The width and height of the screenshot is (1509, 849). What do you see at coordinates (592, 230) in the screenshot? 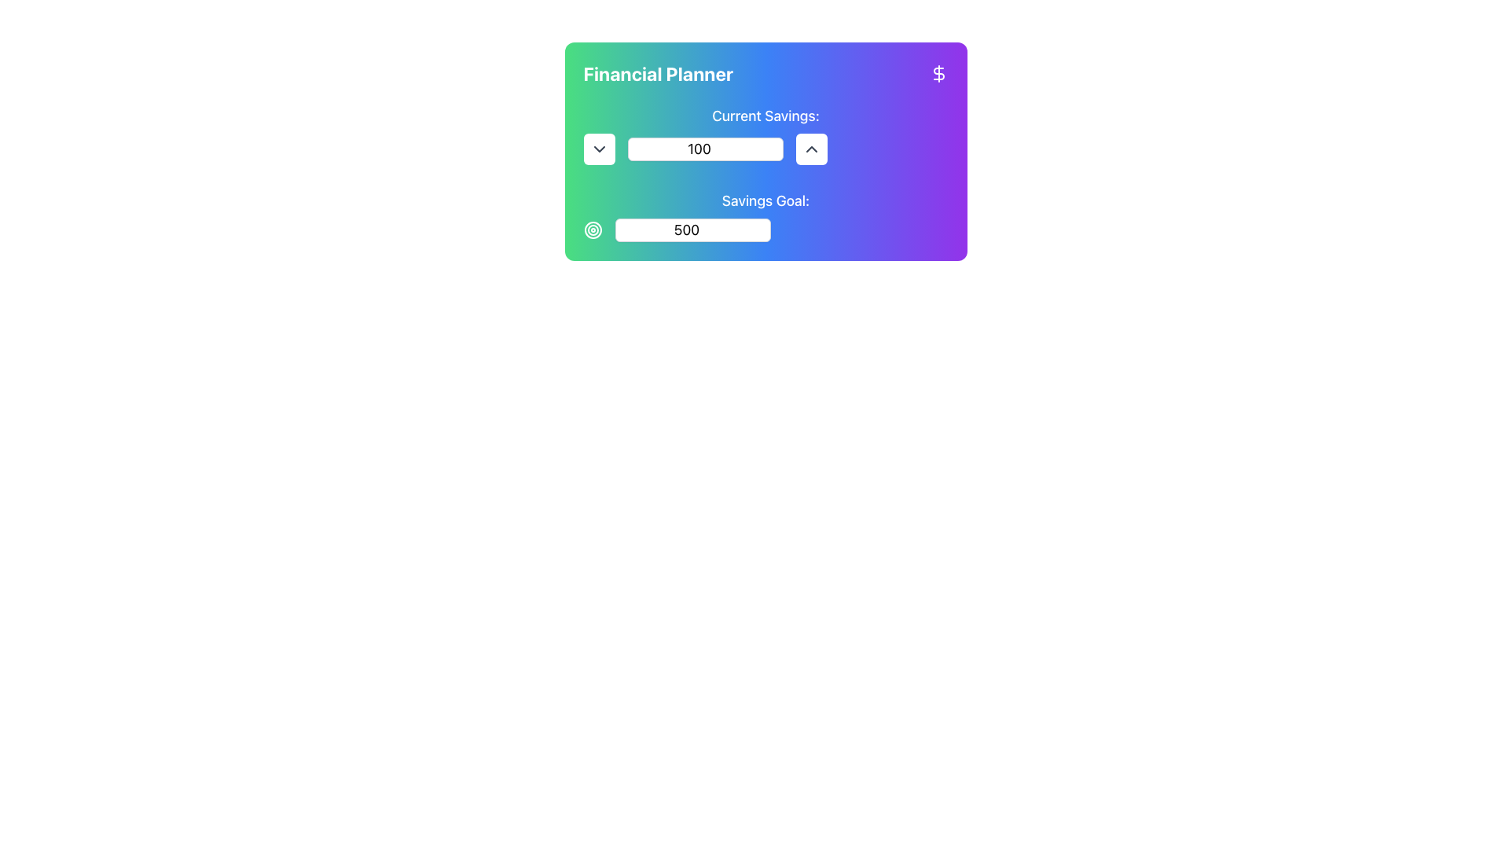
I see `the filled circle graphic icon located within the concentric circular design, which is the second layer from the center in the 'Financial Planner' card` at bounding box center [592, 230].